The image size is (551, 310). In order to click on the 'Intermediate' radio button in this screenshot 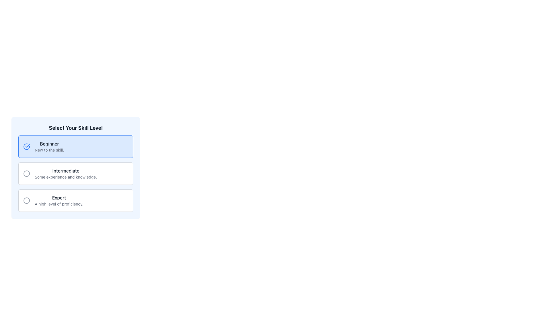, I will do `click(26, 173)`.